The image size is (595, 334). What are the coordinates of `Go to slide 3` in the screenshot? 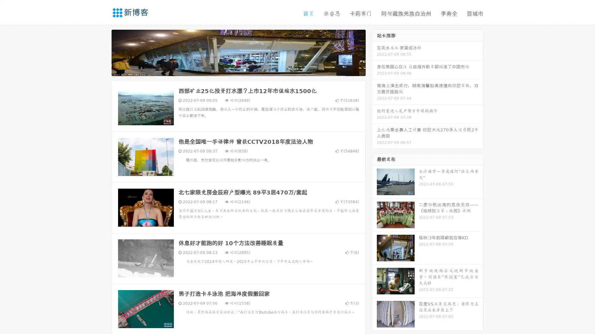 It's located at (245, 70).